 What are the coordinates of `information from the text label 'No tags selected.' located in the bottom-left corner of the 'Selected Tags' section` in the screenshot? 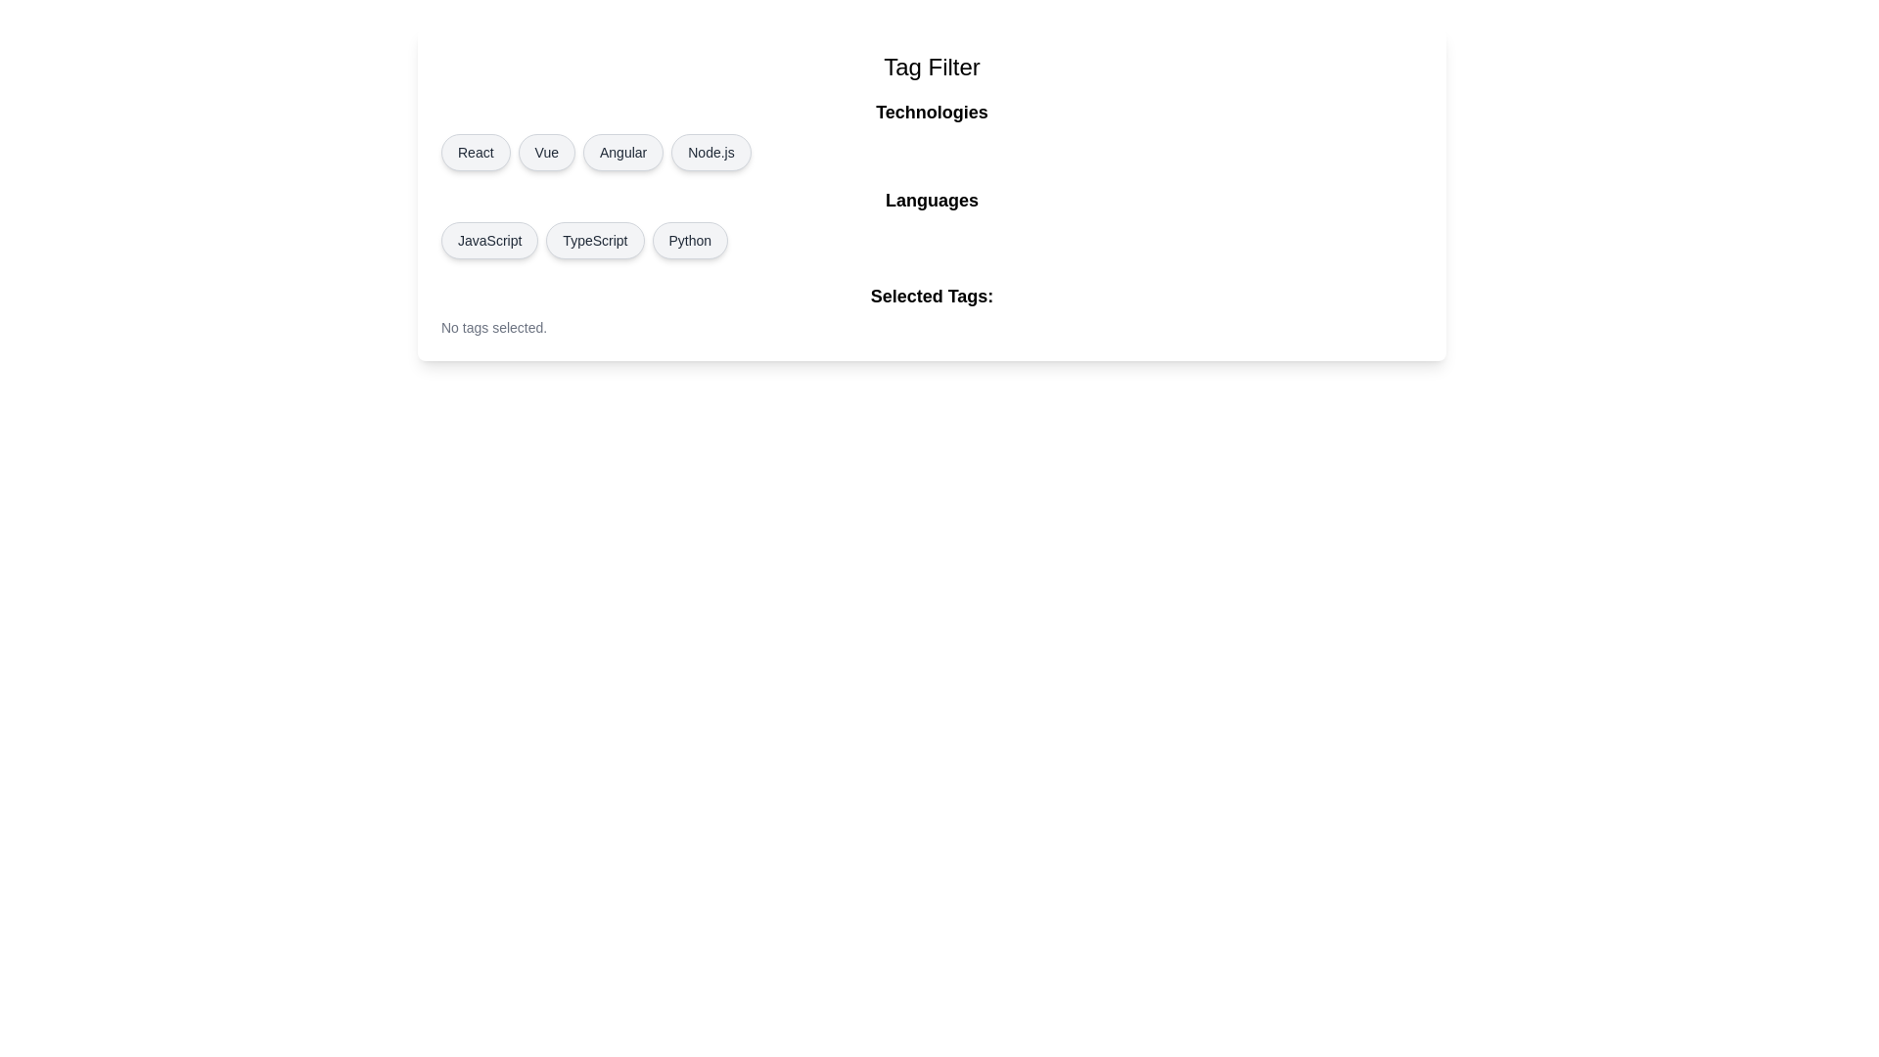 It's located at (494, 327).